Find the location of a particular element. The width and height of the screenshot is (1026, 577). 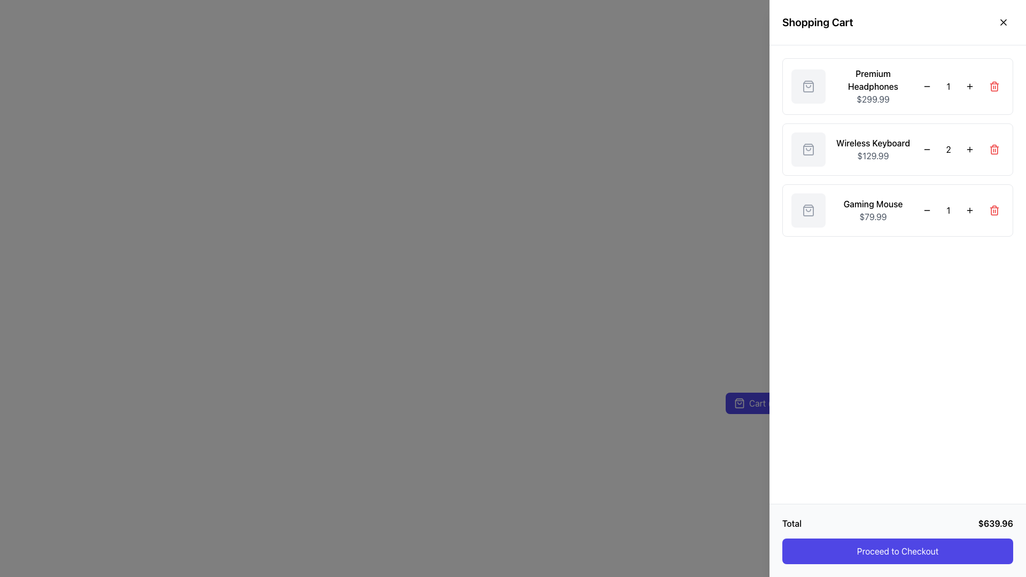

the numeric label displaying the number '1', which is centrally located between the minus symbol on the left and the plus symbol on the right within the numeric input group of the 'Gaming Mouse' item row in the shopping cart interface is located at coordinates (949, 210).